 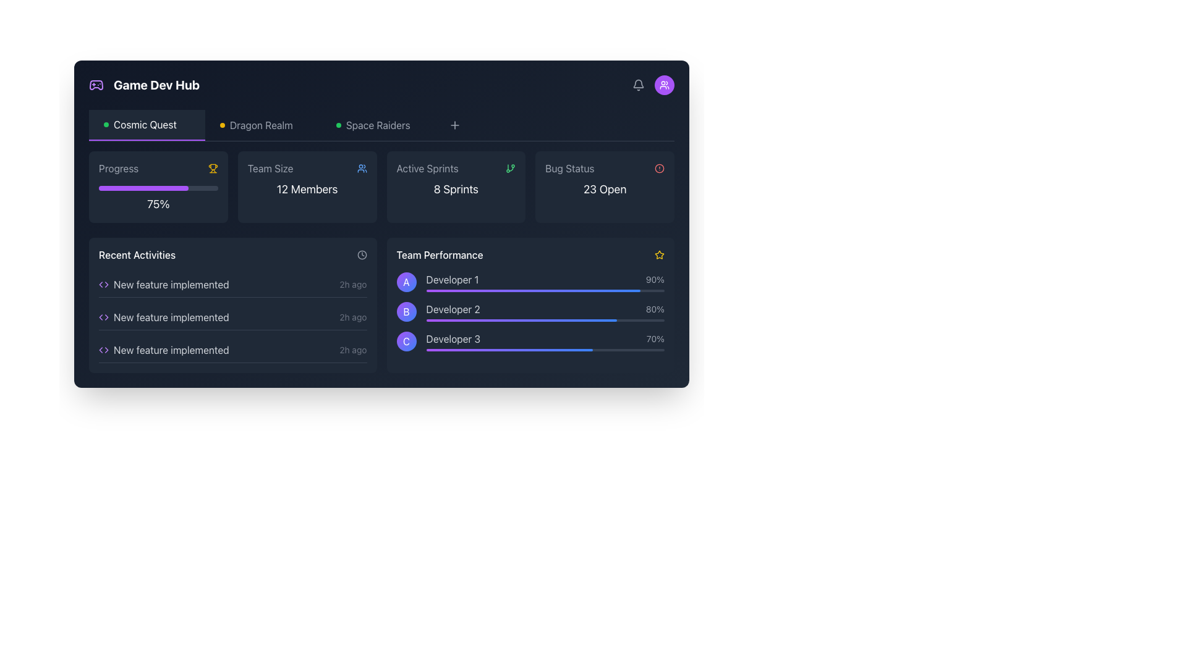 What do you see at coordinates (545, 341) in the screenshot?
I see `the third progress bar labeled 'Team Performance' which represents 70% productivity for 'Developer 3'` at bounding box center [545, 341].